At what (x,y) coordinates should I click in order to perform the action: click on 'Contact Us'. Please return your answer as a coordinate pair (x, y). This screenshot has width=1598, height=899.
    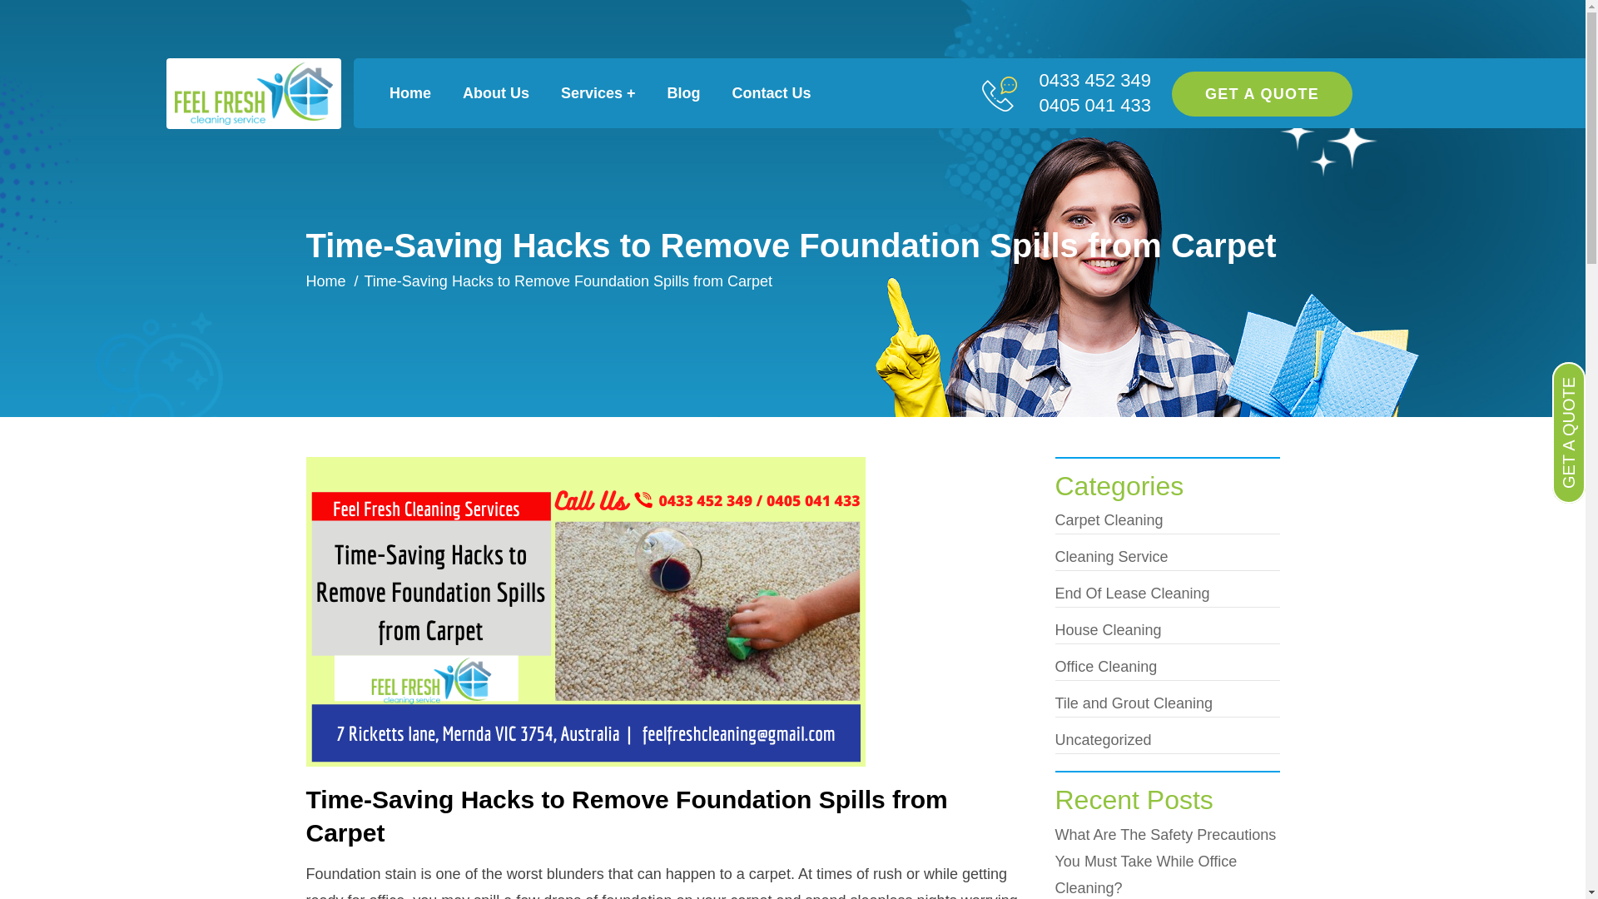
    Looking at the image, I should click on (778, 92).